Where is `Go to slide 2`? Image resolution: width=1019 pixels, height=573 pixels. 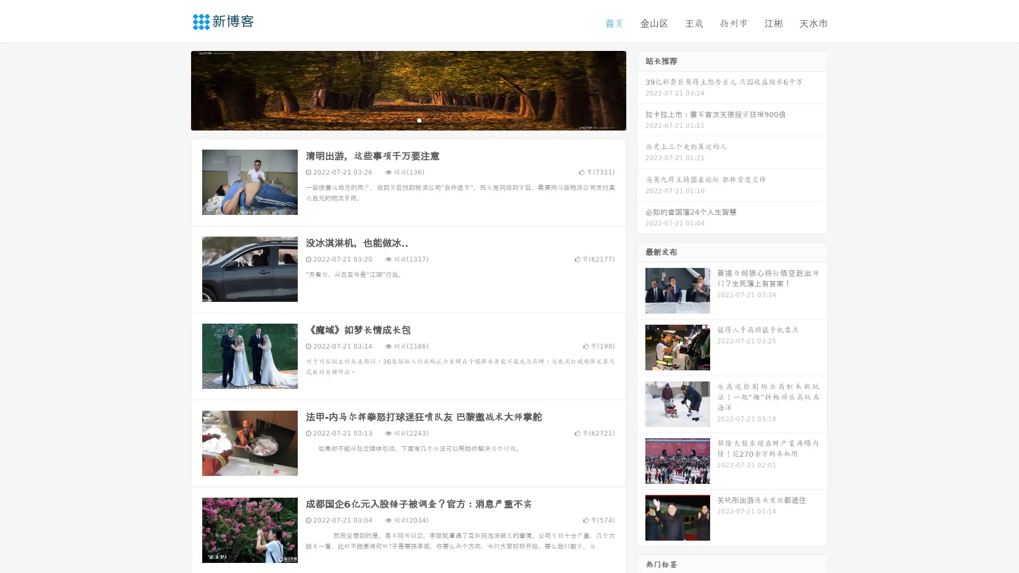
Go to slide 2 is located at coordinates (408, 119).